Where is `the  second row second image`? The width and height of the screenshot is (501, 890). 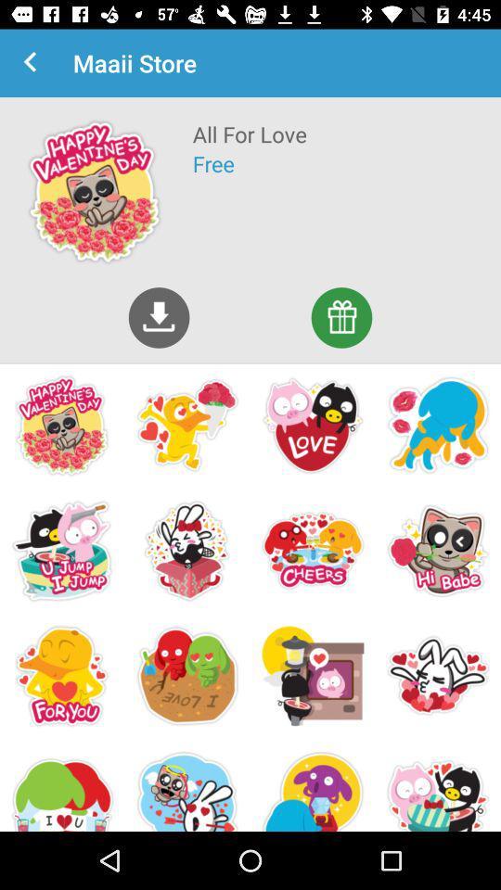
the  second row second image is located at coordinates (187, 551).